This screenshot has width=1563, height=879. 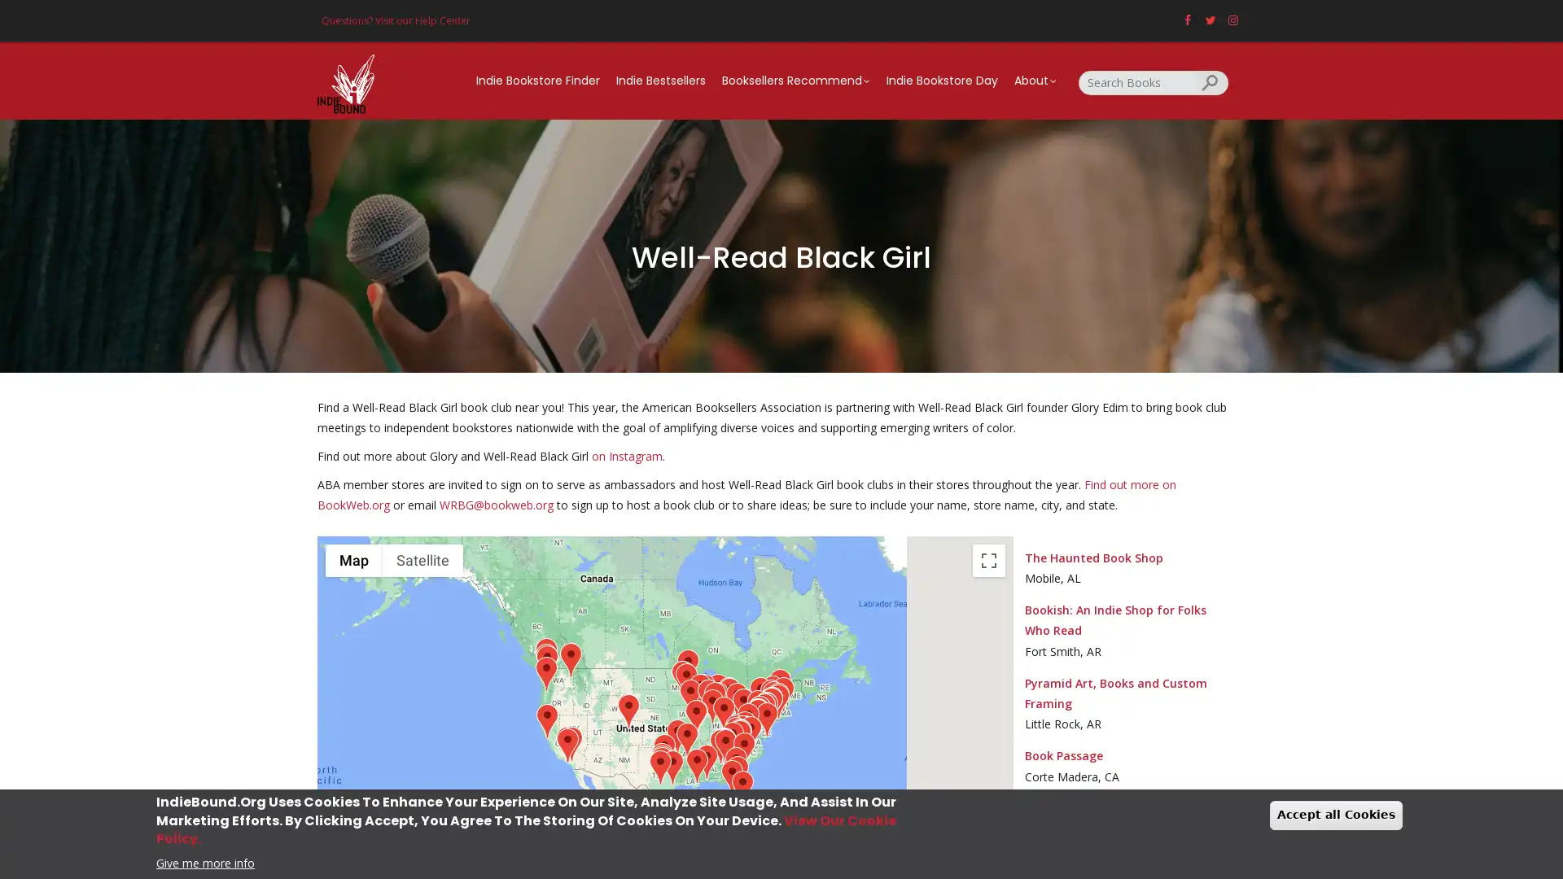 What do you see at coordinates (707, 696) in the screenshot?
I see `Women & Children First` at bounding box center [707, 696].